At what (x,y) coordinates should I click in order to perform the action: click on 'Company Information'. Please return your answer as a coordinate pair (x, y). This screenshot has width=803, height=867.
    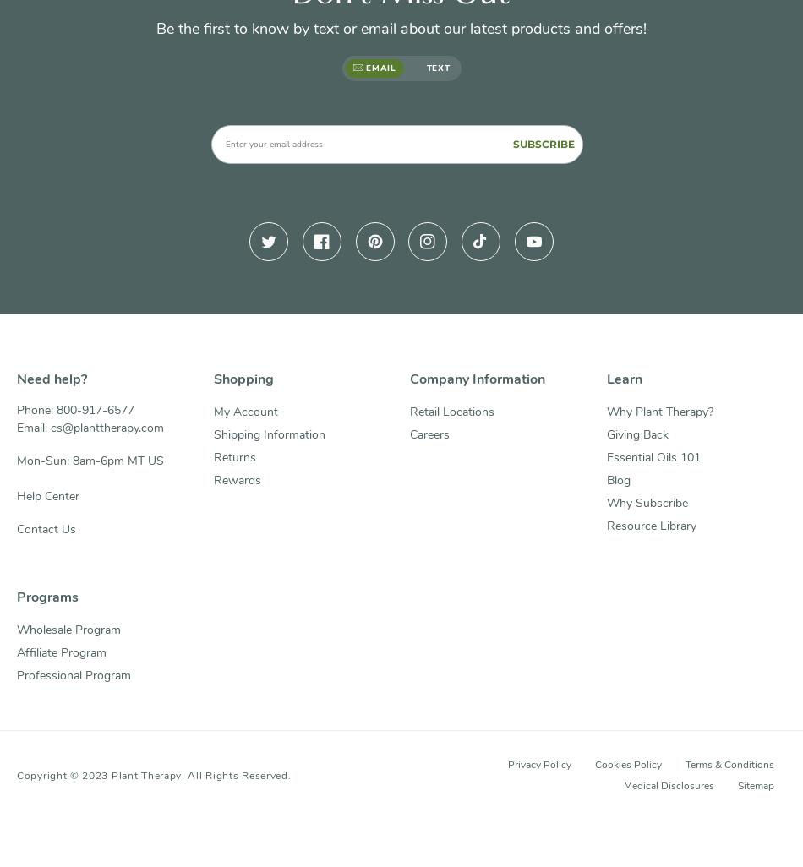
    Looking at the image, I should click on (477, 379).